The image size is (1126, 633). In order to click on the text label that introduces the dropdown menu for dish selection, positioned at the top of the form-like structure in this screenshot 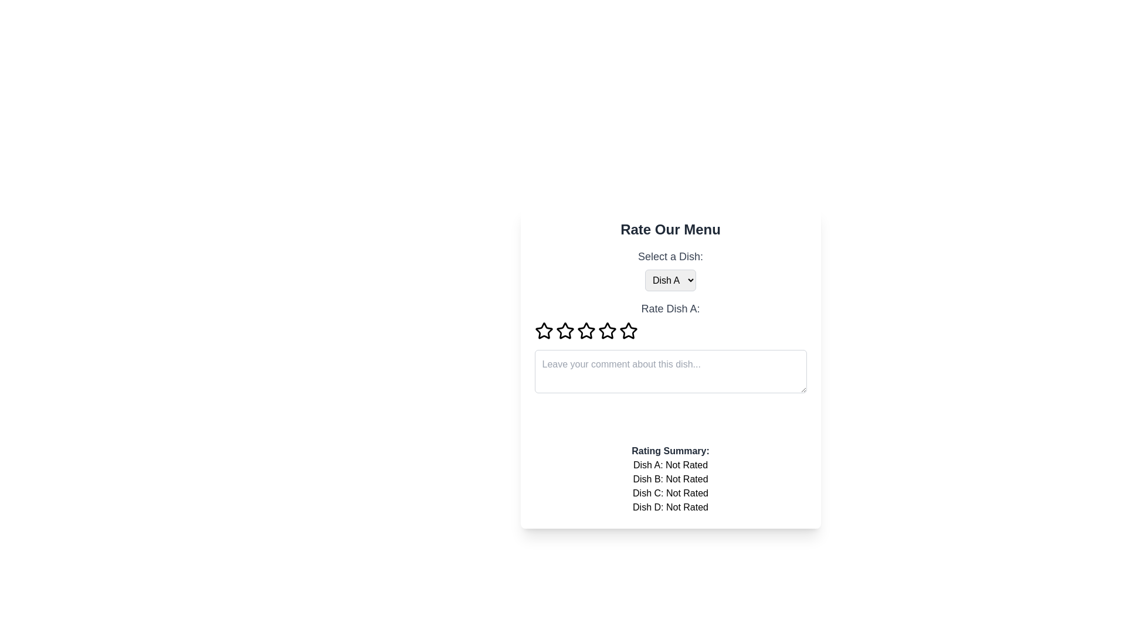, I will do `click(670, 256)`.